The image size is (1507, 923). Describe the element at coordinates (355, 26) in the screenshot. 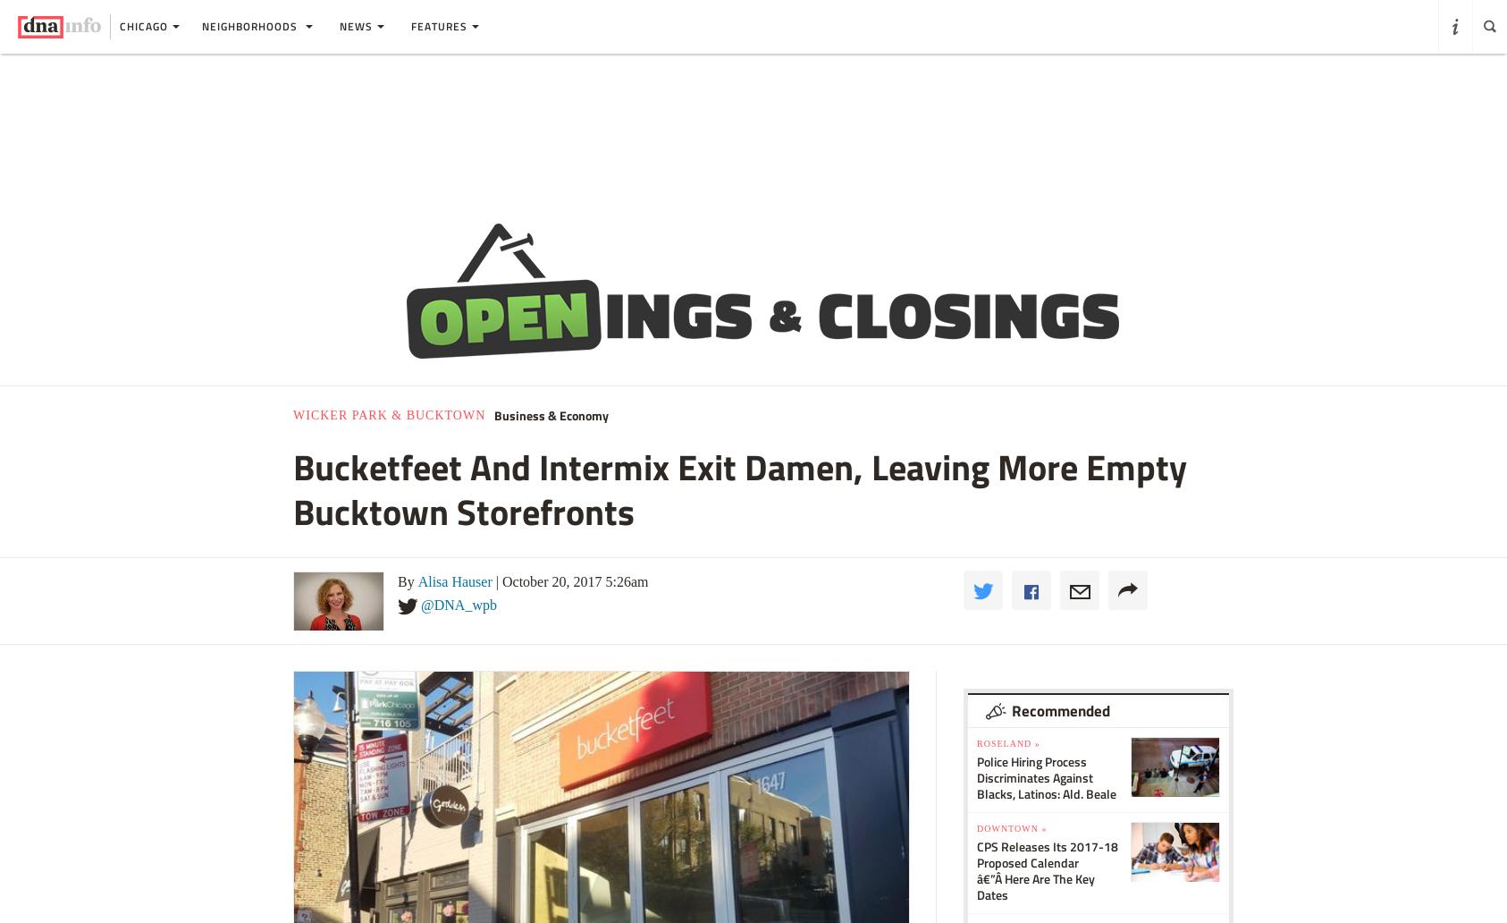

I see `'News'` at that location.